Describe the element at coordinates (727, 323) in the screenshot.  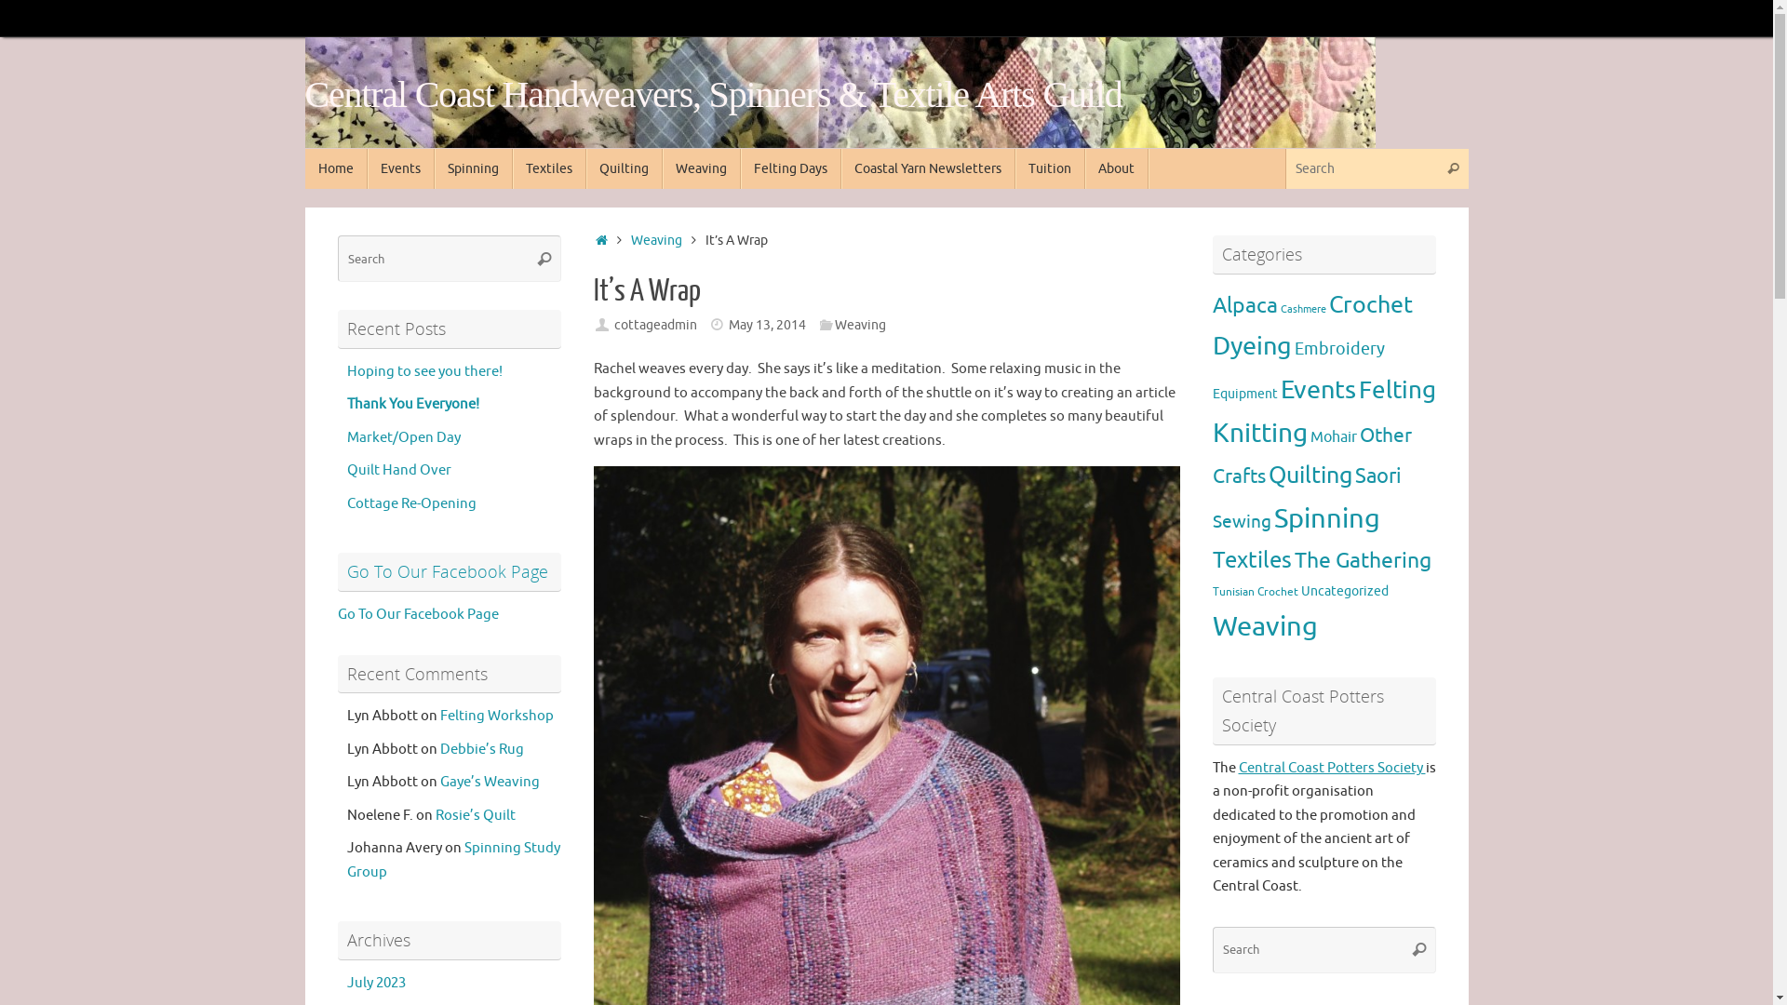
I see `'May 13, 2014'` at that location.